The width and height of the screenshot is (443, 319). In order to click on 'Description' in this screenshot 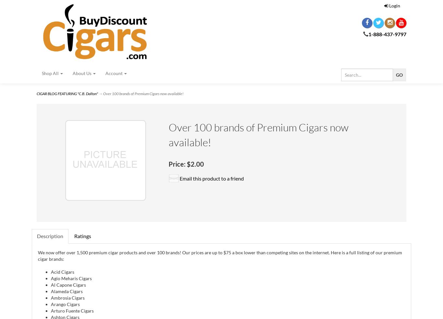, I will do `click(50, 236)`.